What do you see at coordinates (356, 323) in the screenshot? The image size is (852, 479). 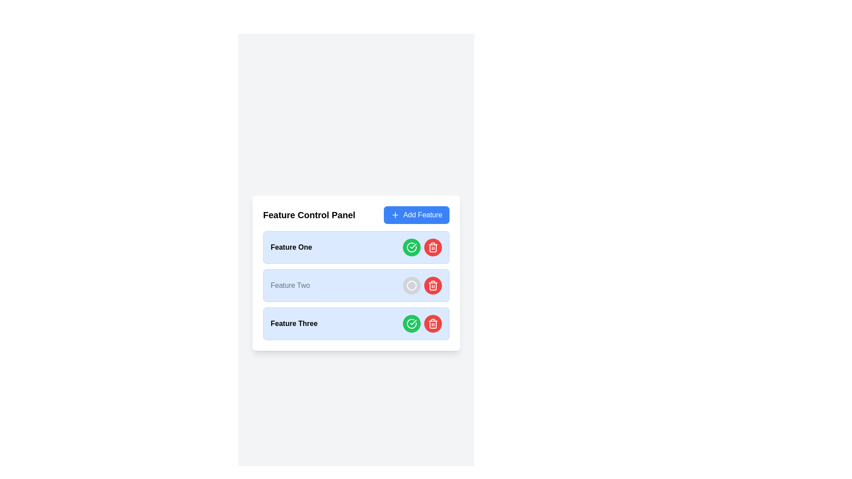 I see `the list item labeled 'Feature Three'` at bounding box center [356, 323].